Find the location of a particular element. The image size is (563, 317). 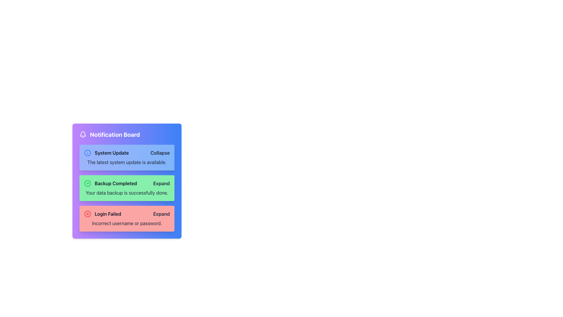

text label displaying 'System Update' which is styled in bold dark gray, located on the left side of the blue 'info' icon in the Notification Board section is located at coordinates (106, 152).